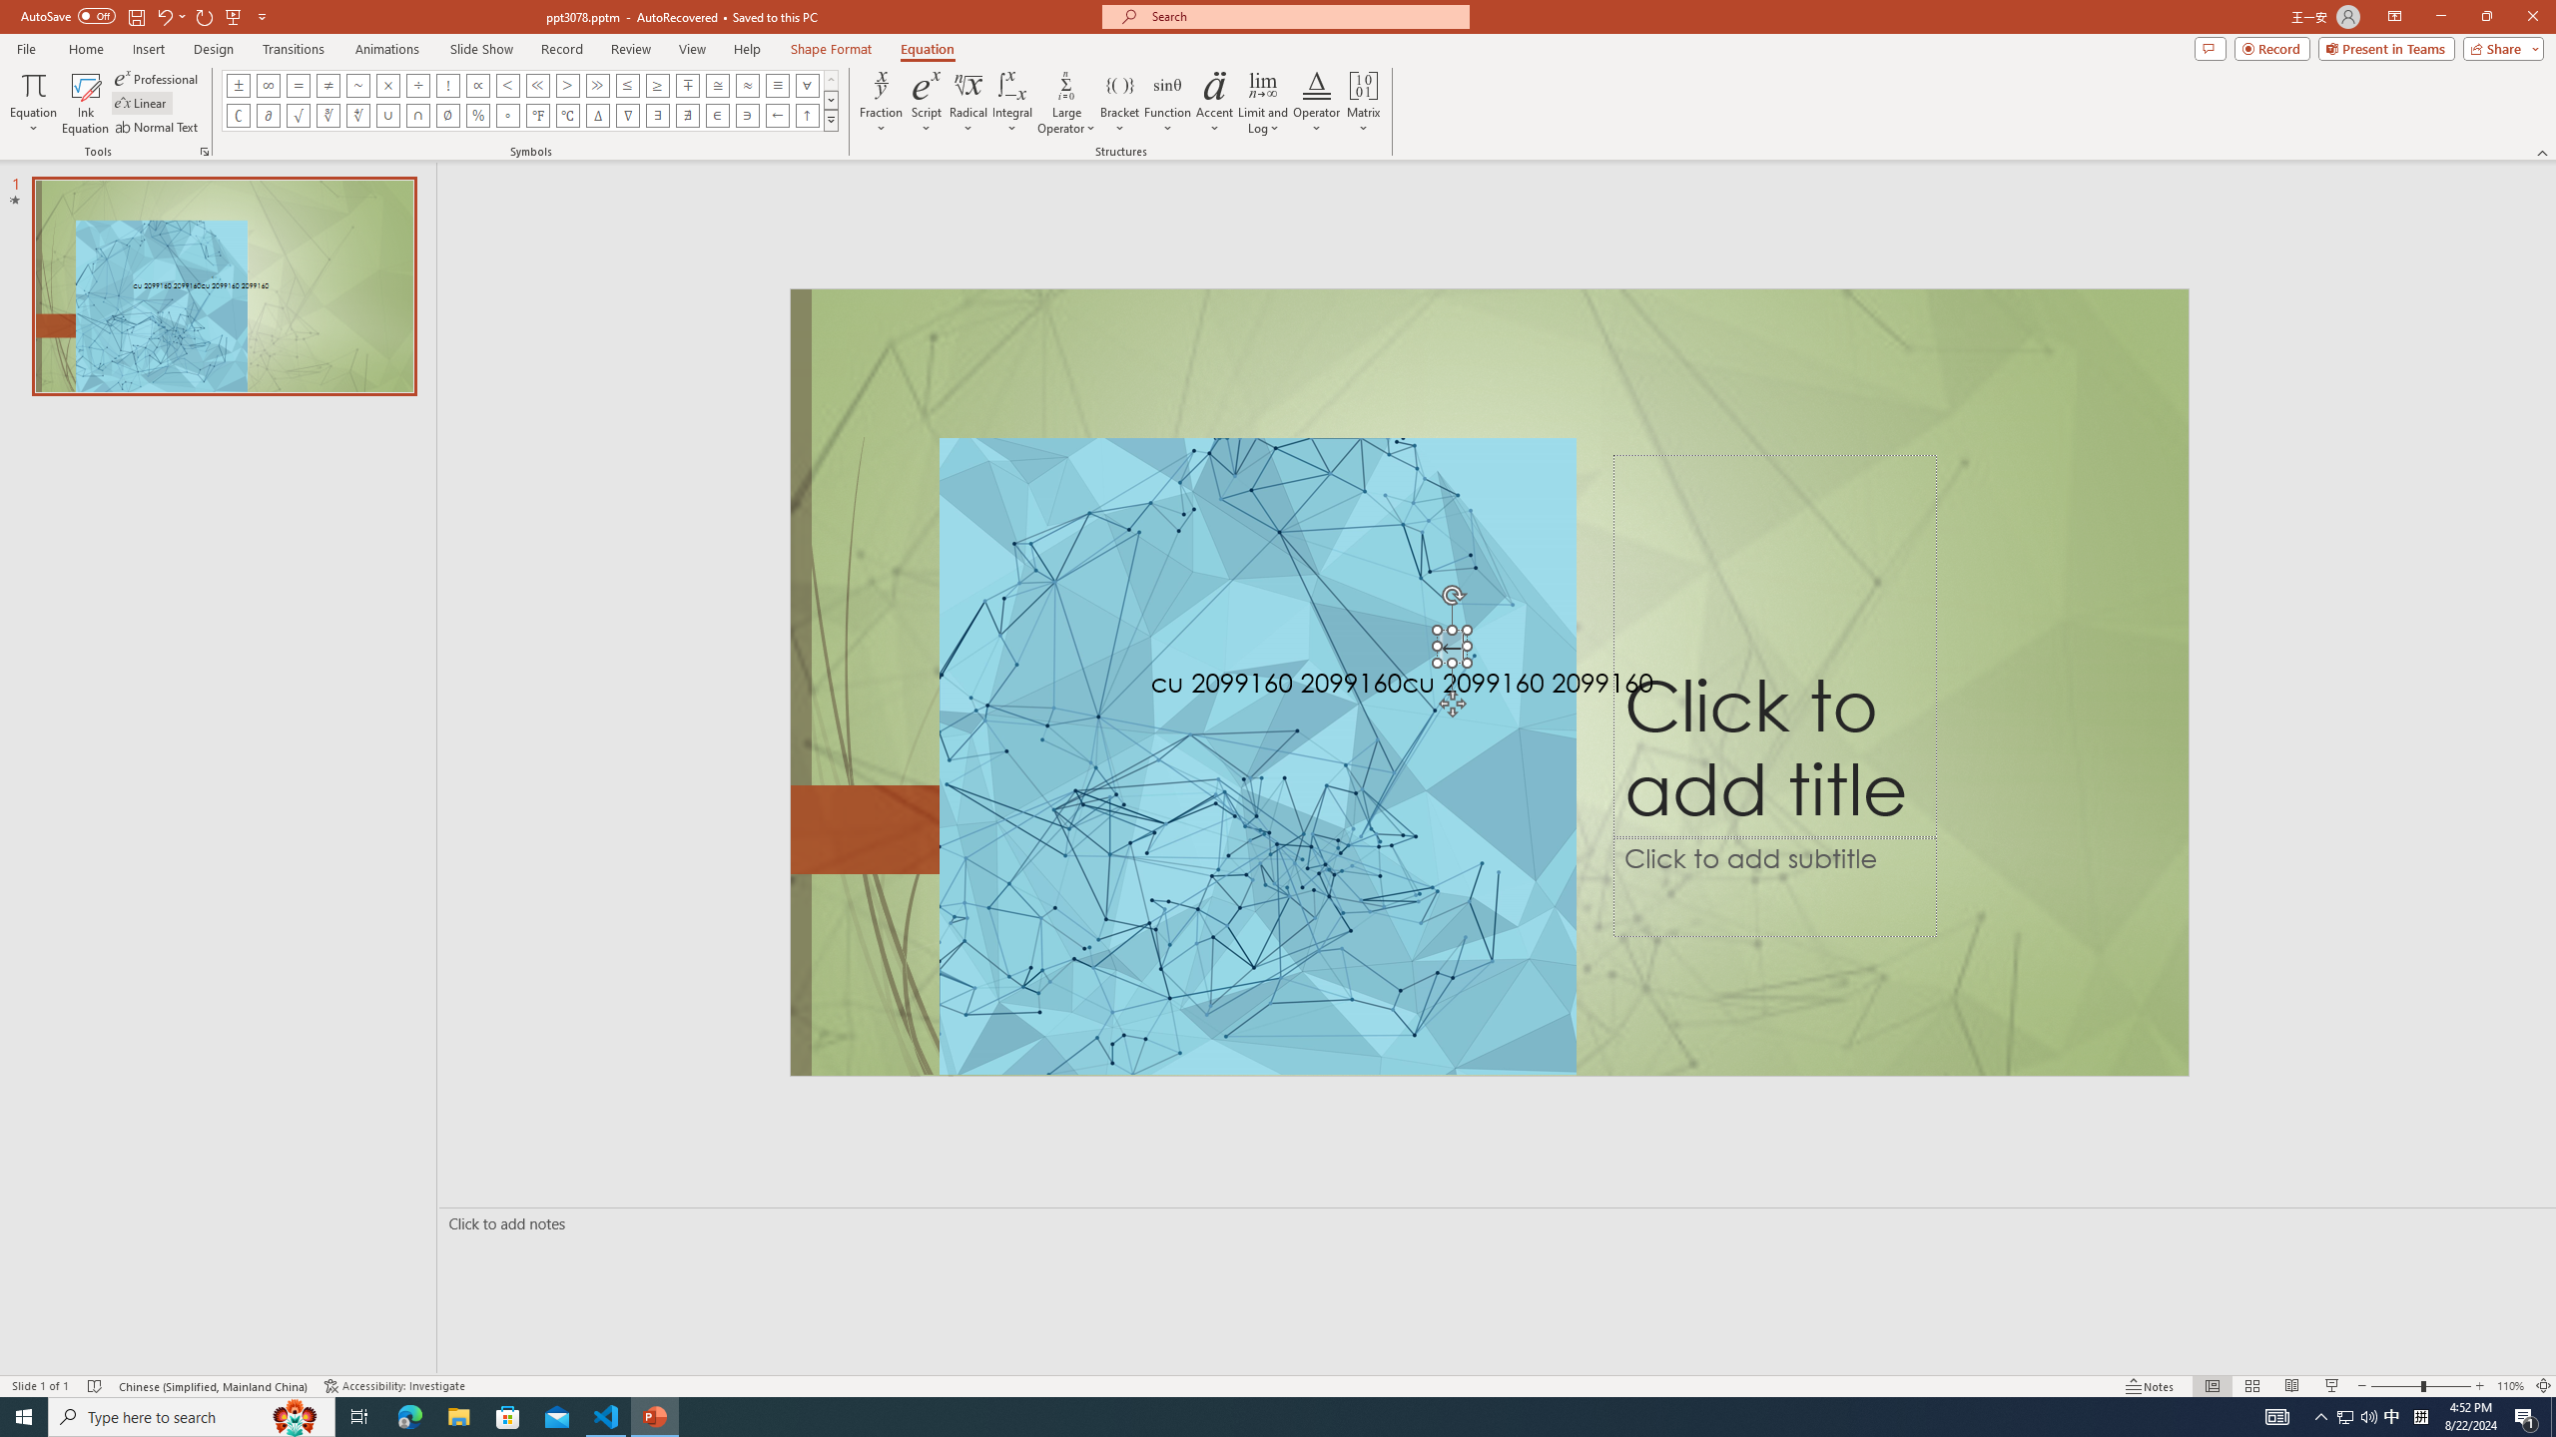 The height and width of the screenshot is (1437, 2556). I want to click on 'Equation Symbol Plus Minus', so click(239, 84).